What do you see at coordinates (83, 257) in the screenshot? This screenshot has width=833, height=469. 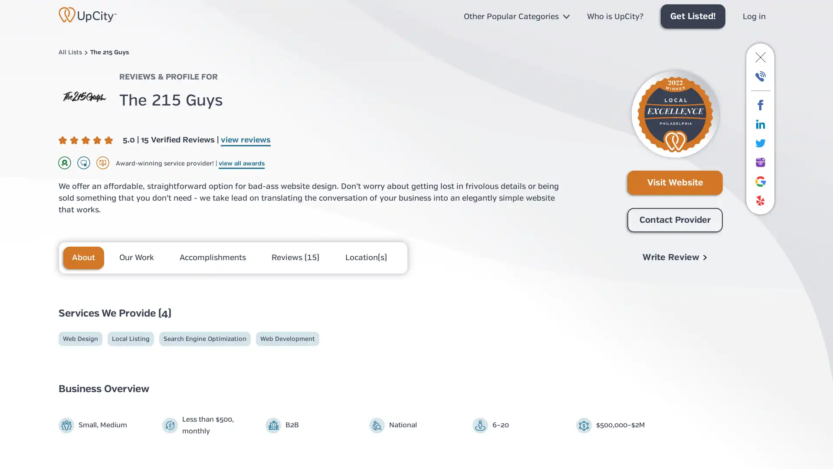 I see `About` at bounding box center [83, 257].